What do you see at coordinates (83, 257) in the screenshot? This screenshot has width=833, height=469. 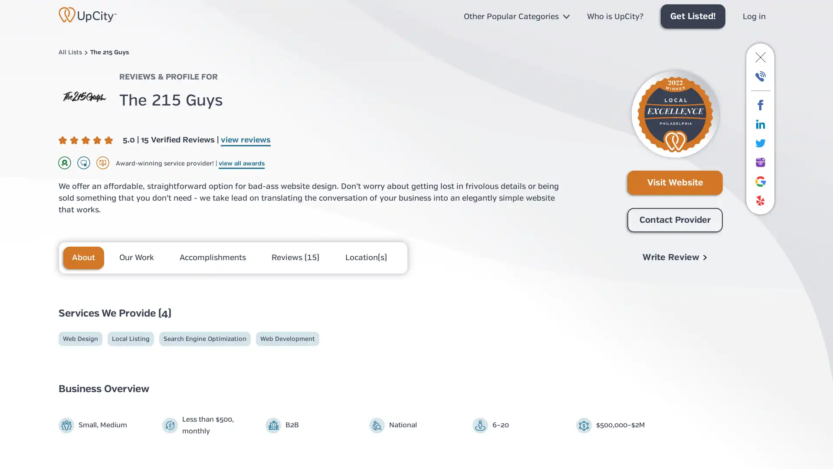 I see `About` at bounding box center [83, 257].